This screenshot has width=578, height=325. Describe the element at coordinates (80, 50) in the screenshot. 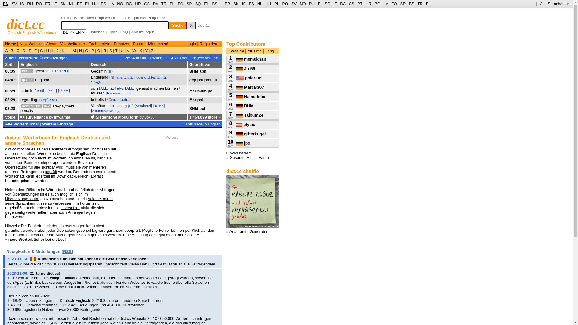

I see `'N'` at that location.